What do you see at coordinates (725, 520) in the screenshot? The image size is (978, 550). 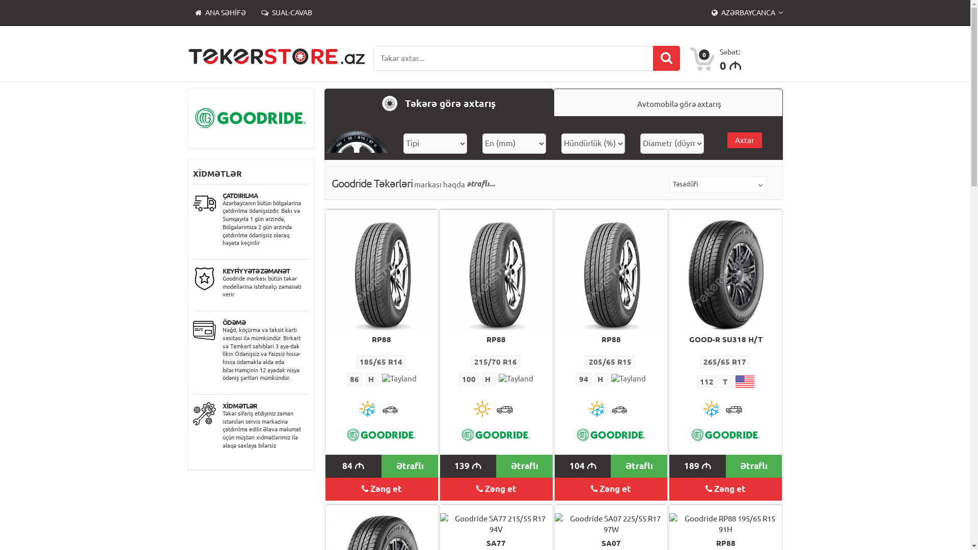 I see `'Goodride RP88 195/65 R15 91H'` at bounding box center [725, 520].